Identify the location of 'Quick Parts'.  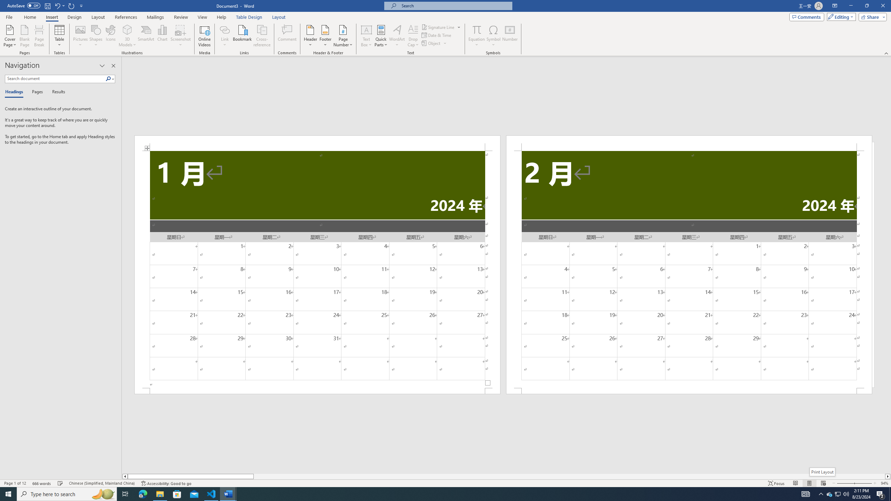
(381, 36).